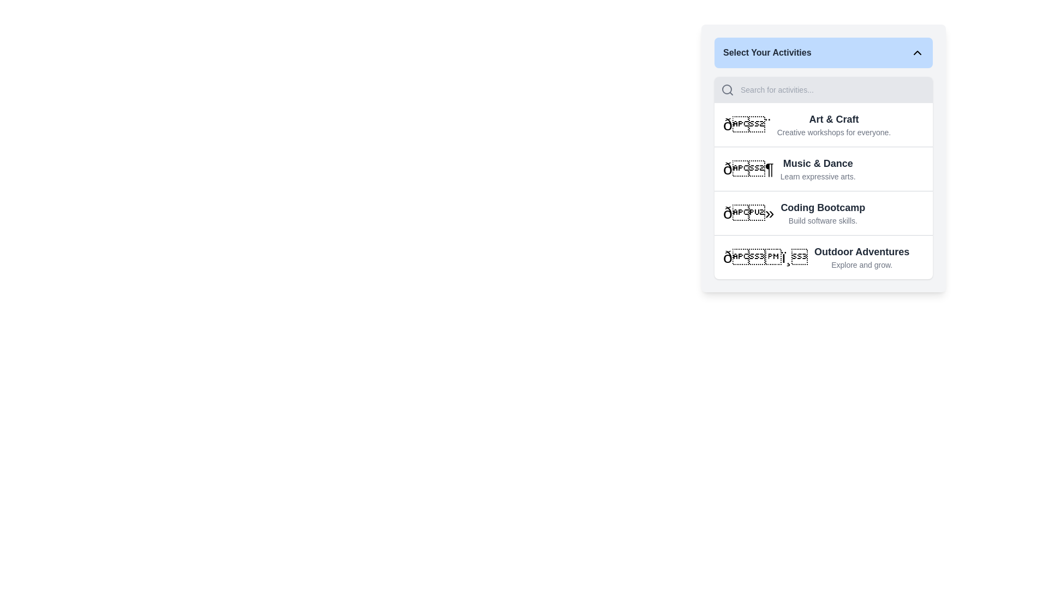 The height and width of the screenshot is (589, 1048). Describe the element at coordinates (823, 158) in the screenshot. I see `the selectable list item titled 'Music & Dance', which is positioned as the second option in the vertical list of activities` at that location.